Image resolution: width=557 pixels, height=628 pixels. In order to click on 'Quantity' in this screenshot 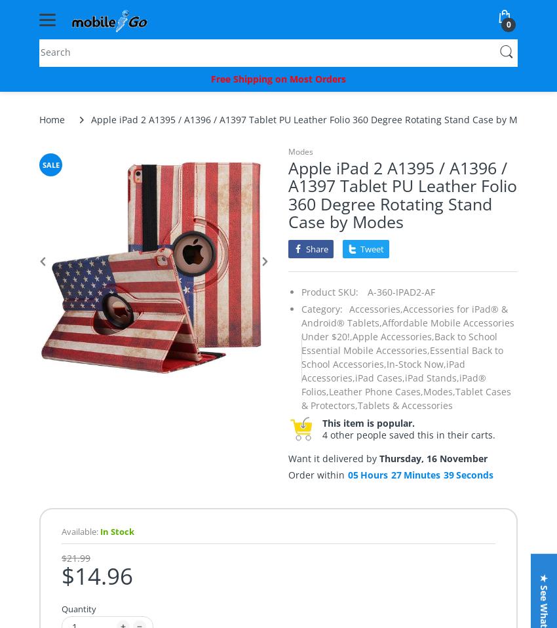, I will do `click(78, 608)`.